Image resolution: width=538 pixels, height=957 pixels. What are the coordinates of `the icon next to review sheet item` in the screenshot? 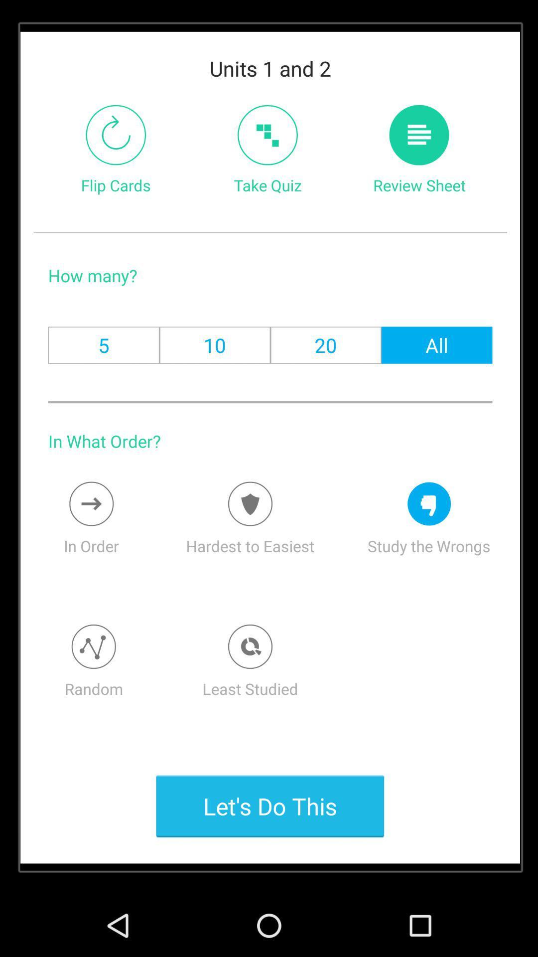 It's located at (267, 135).